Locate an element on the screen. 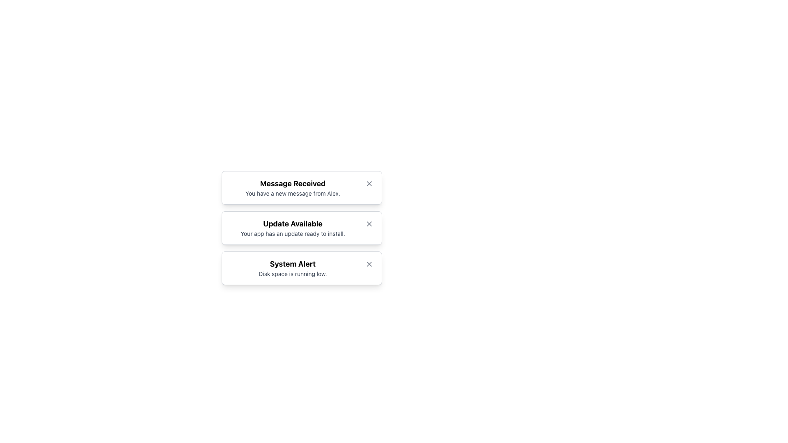  the close button located in the top-right corner of the notification card titled 'Update Available' is located at coordinates (369, 224).